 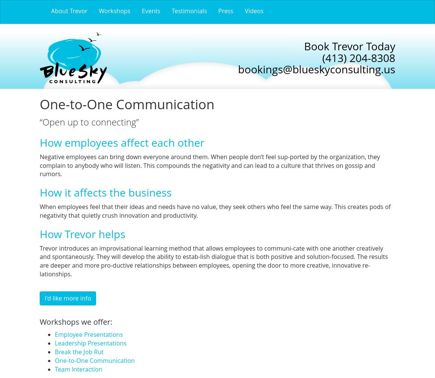 I want to click on 'Employee Presentations', so click(x=88, y=335).